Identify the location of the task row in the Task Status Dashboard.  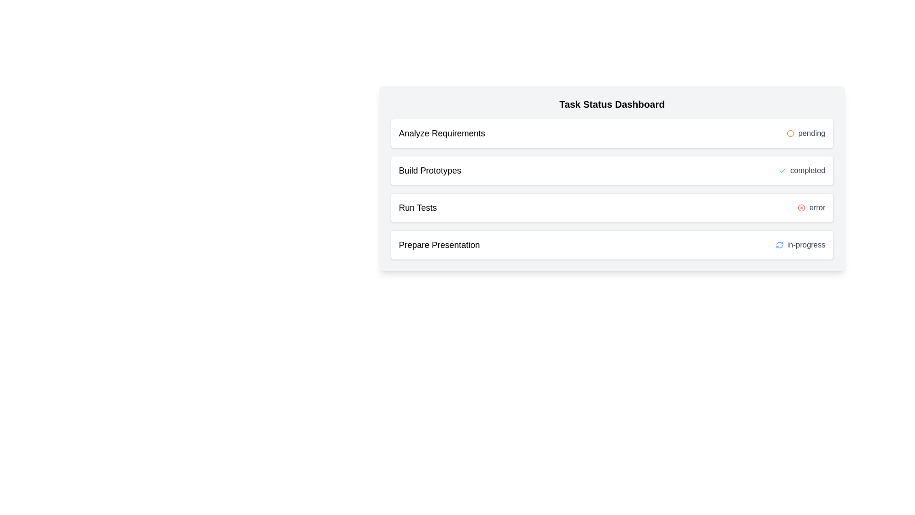
(612, 189).